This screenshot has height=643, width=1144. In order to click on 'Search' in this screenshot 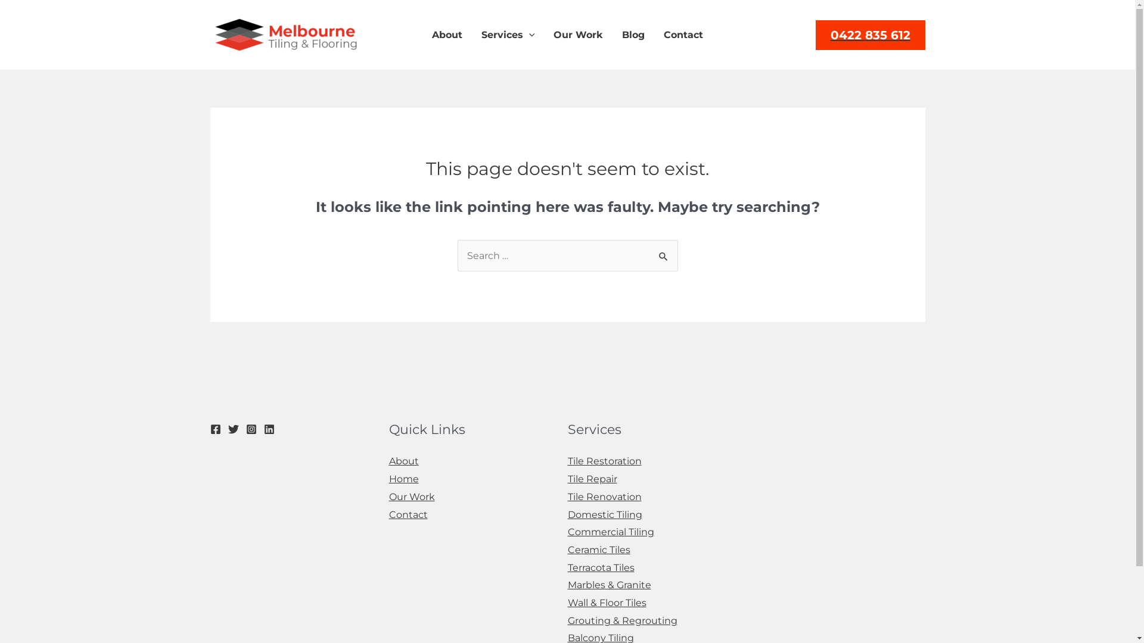, I will do `click(663, 252)`.